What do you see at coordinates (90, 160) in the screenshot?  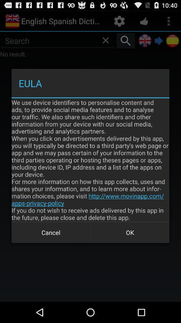 I see `item above the cancel item` at bounding box center [90, 160].